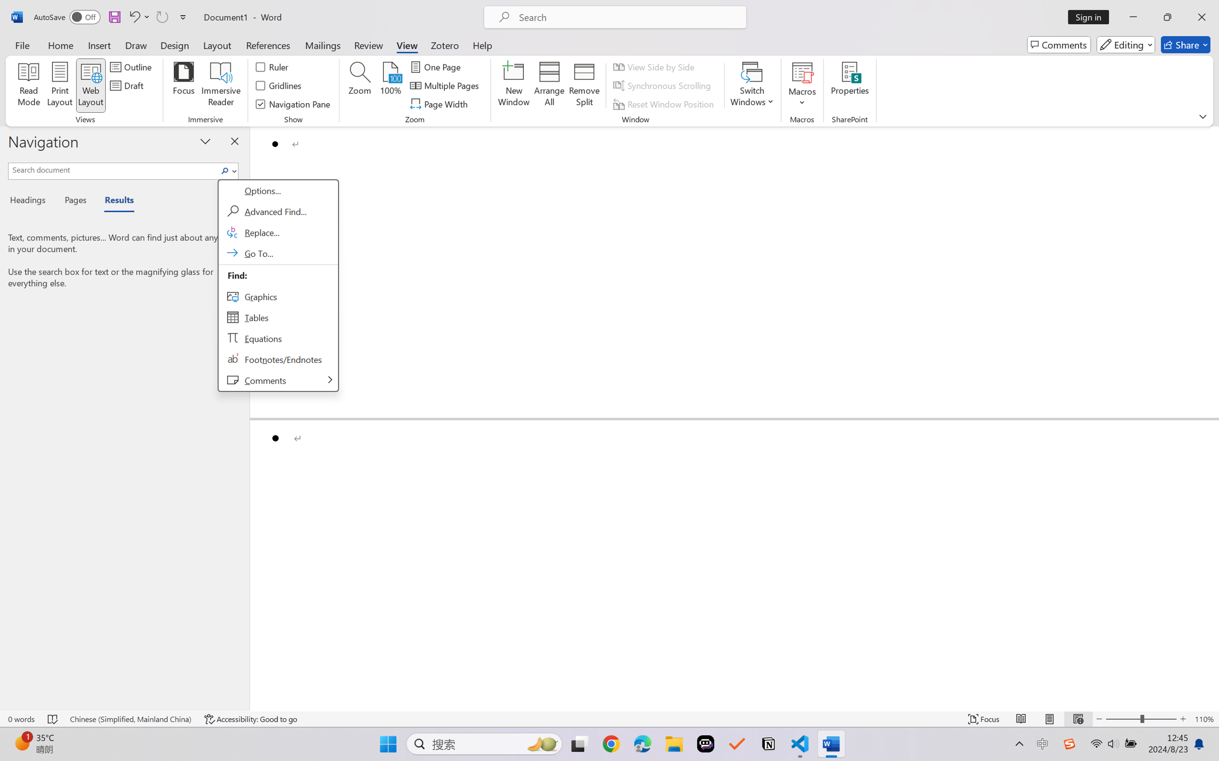 This screenshot has width=1219, height=761. Describe the element at coordinates (436, 66) in the screenshot. I see `'One Page'` at that location.